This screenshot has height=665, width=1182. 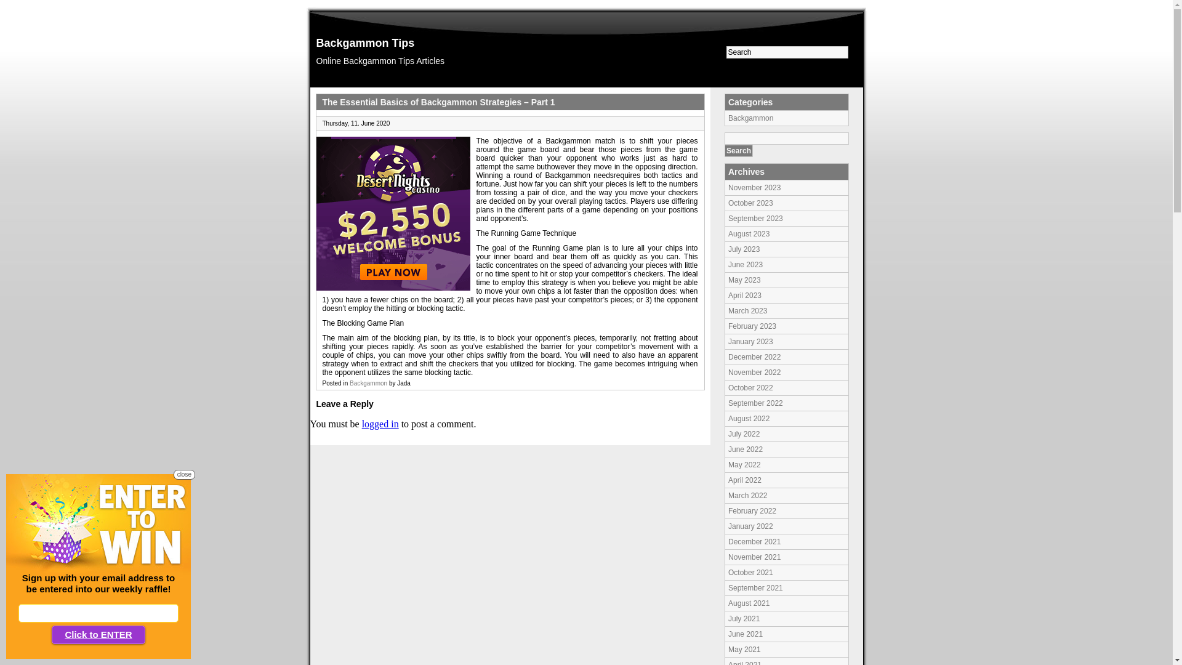 What do you see at coordinates (747, 495) in the screenshot?
I see `'March 2022'` at bounding box center [747, 495].